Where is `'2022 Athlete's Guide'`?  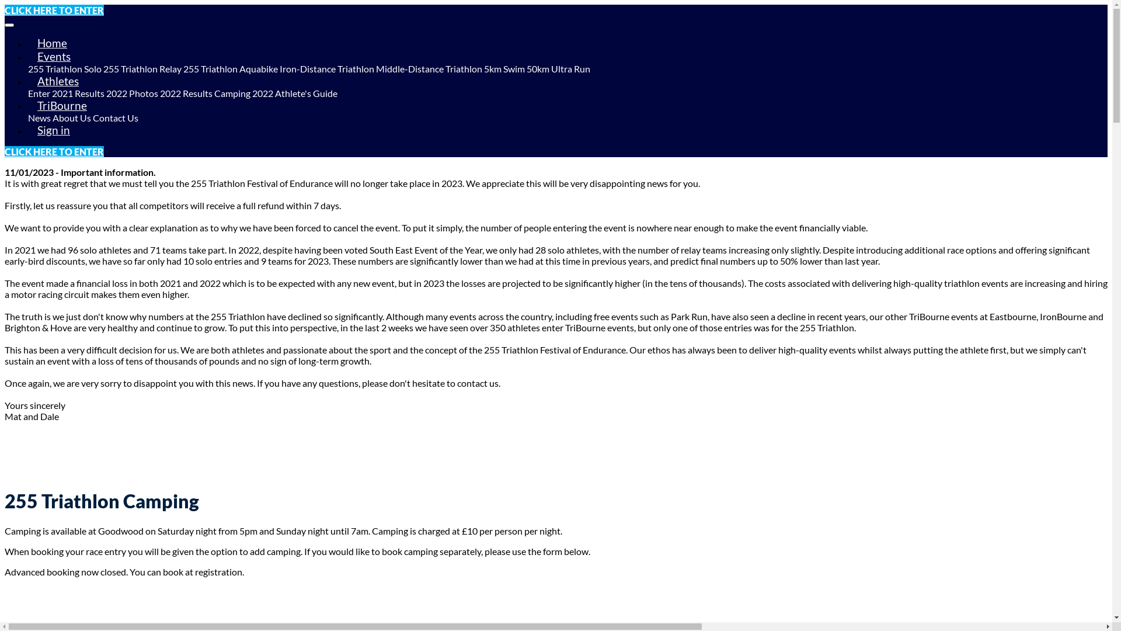 '2022 Athlete's Guide' is located at coordinates (252, 92).